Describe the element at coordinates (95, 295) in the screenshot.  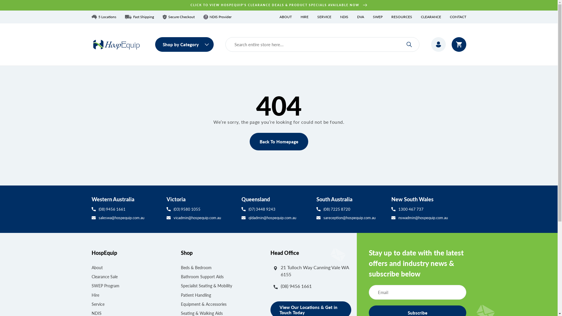
I see `'Hire'` at that location.